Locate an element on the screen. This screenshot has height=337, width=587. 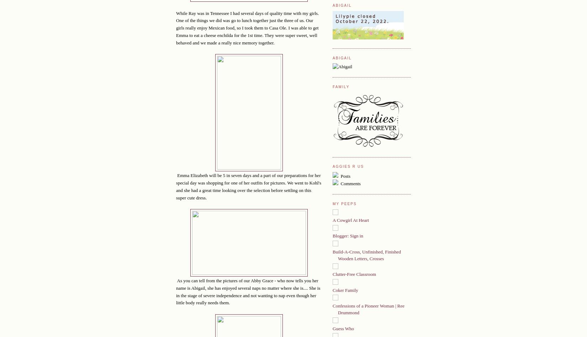
'Blogger: Sign in' is located at coordinates (348, 235).